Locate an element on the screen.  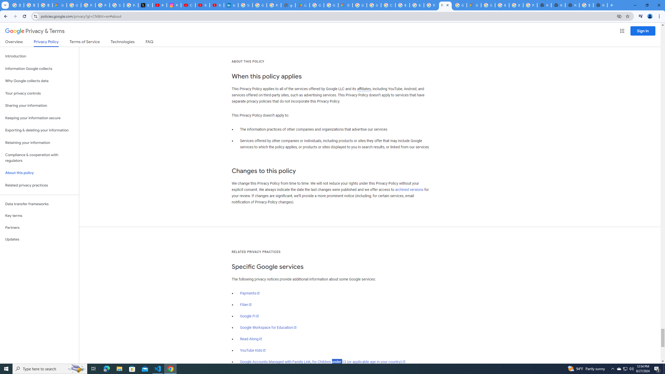
'Technologies' is located at coordinates (123, 43).